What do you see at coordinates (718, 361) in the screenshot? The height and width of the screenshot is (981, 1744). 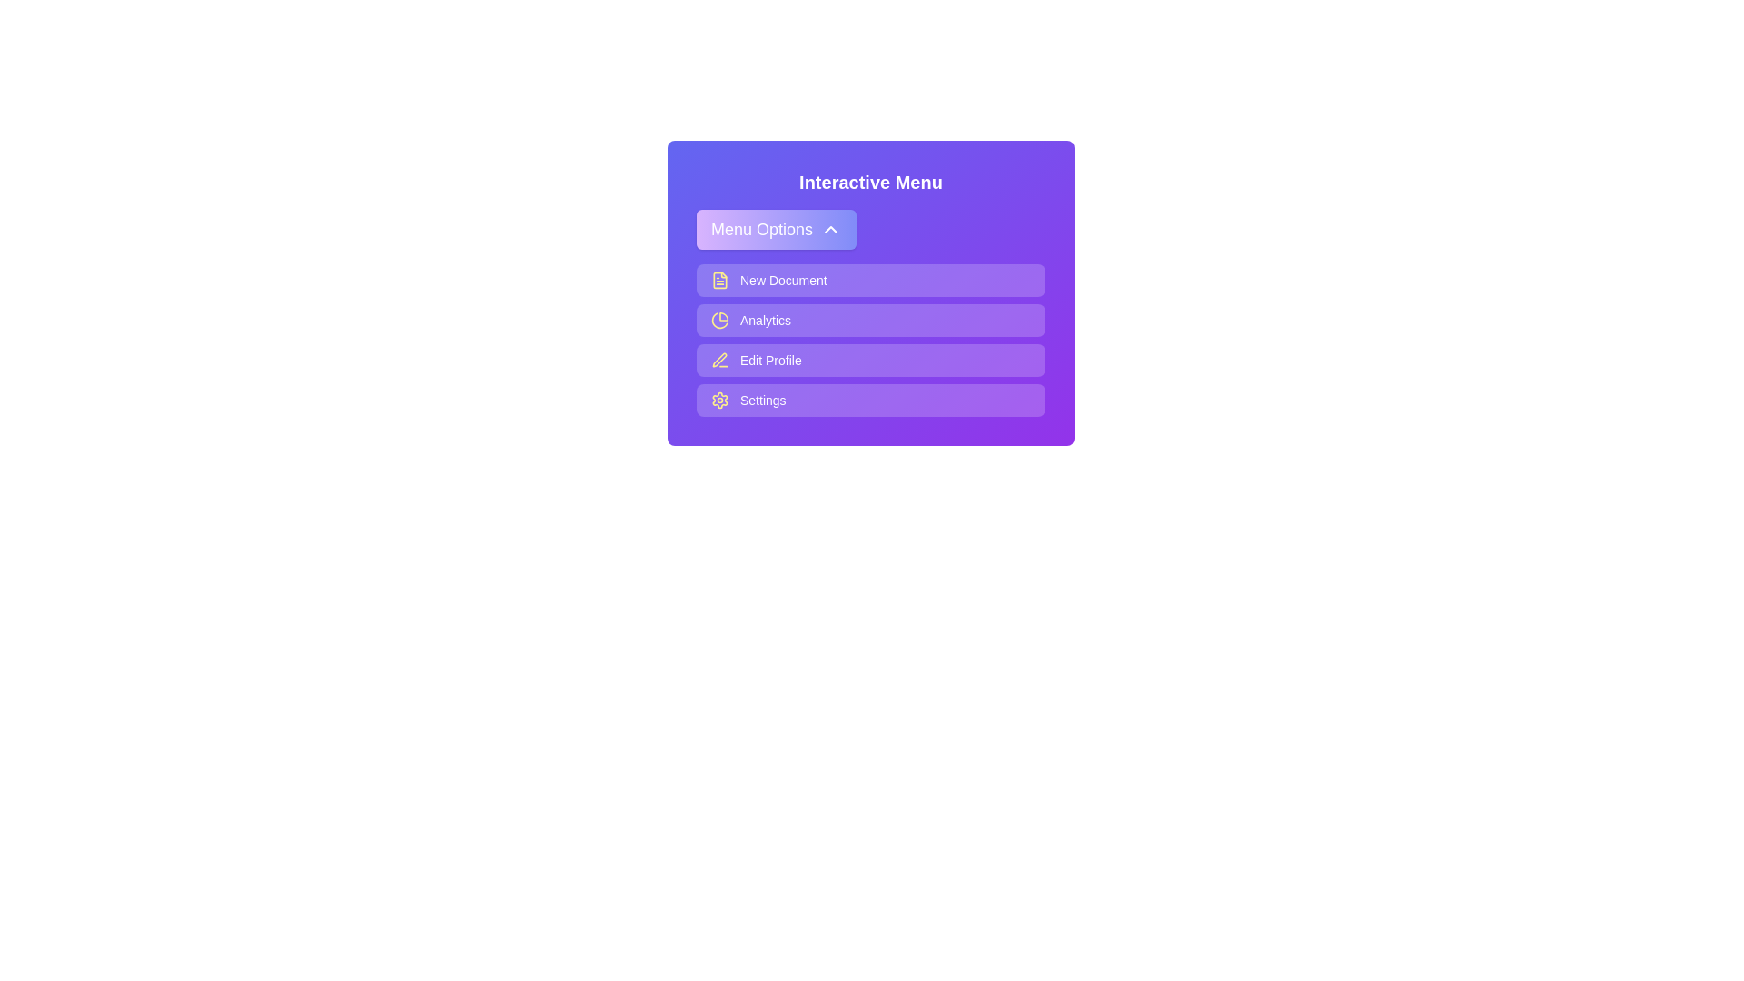 I see `the yellow pen icon located to the left of the 'Edit Profile' text in the interactive menu` at bounding box center [718, 361].